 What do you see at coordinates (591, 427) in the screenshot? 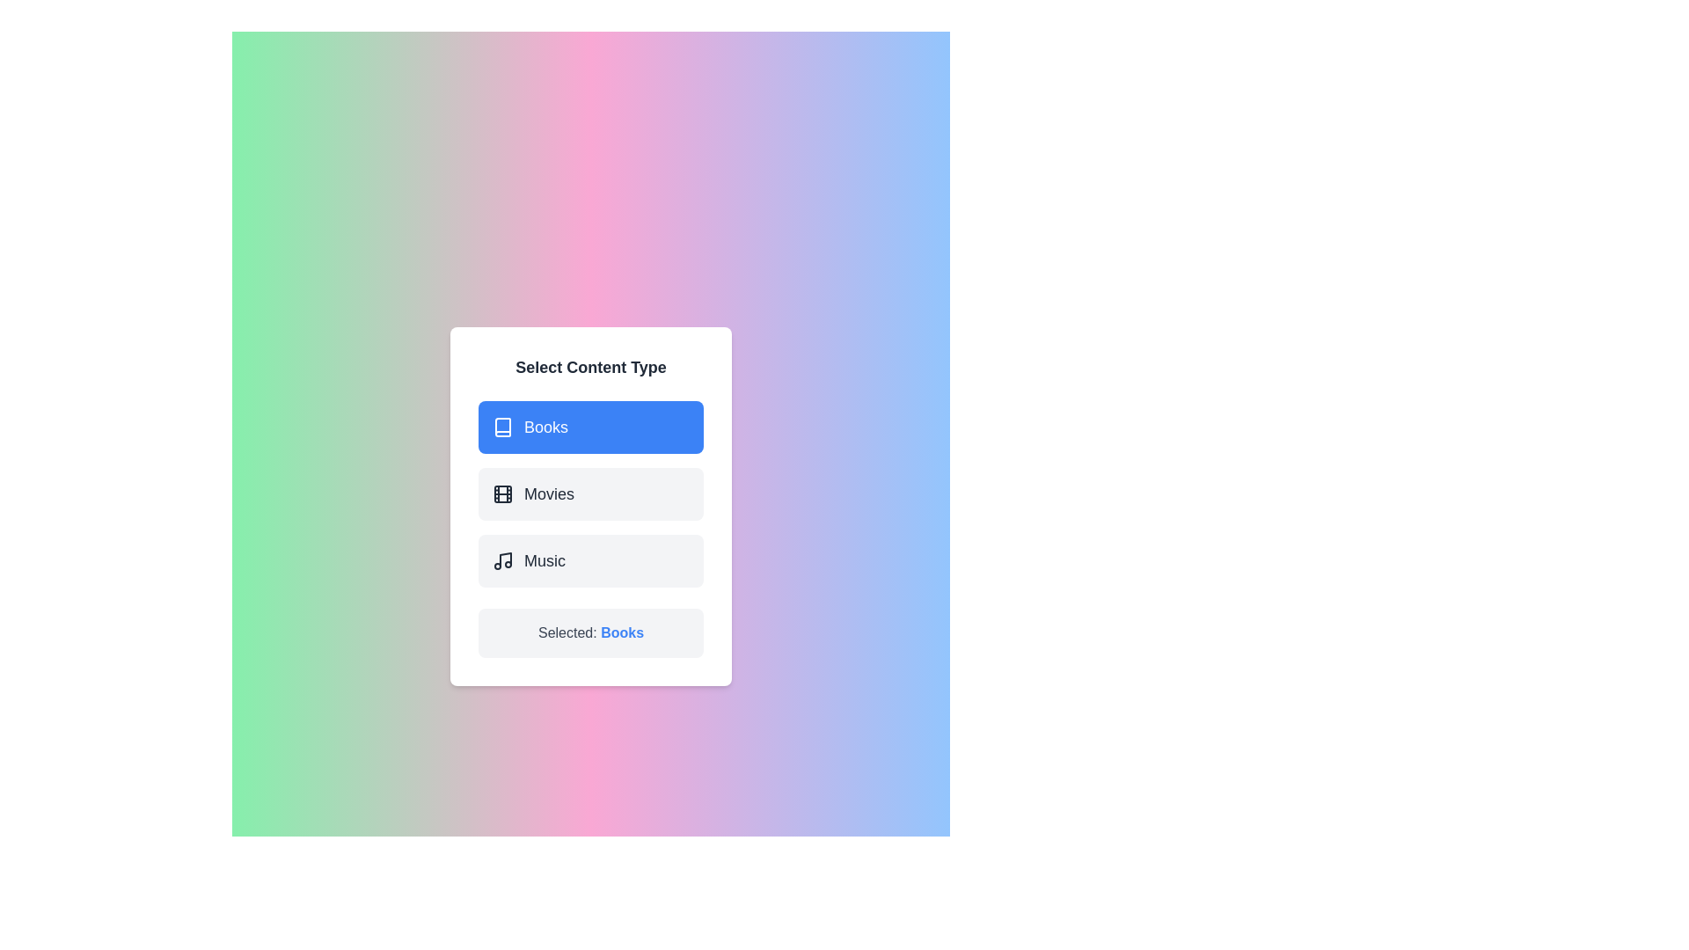
I see `the 'Books' button` at bounding box center [591, 427].